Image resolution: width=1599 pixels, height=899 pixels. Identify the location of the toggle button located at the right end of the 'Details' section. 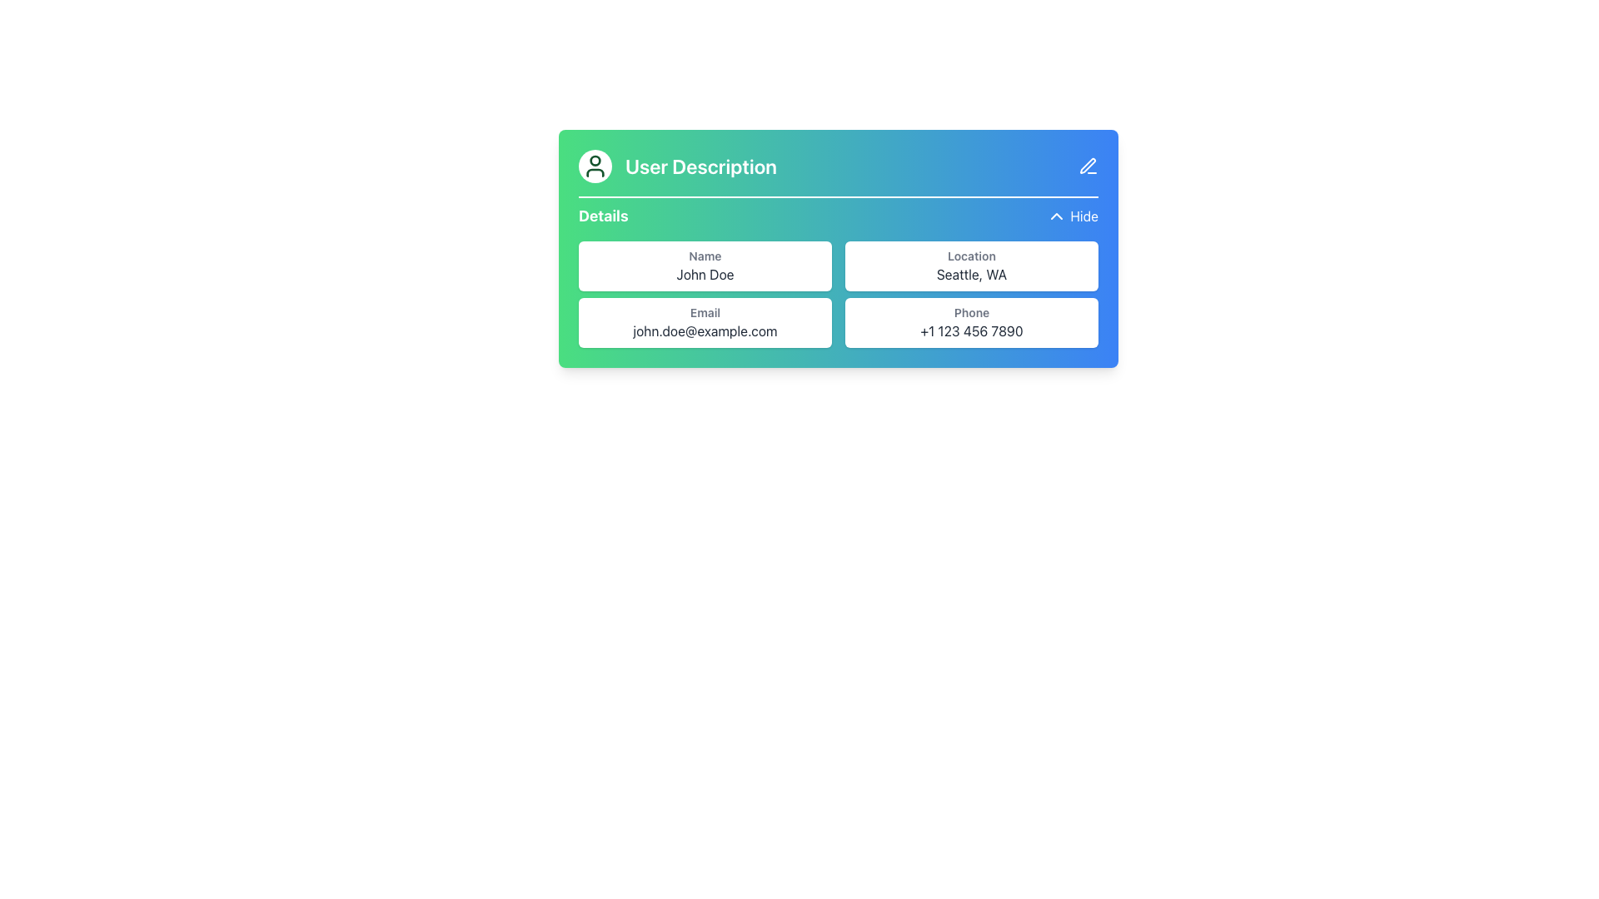
(1072, 215).